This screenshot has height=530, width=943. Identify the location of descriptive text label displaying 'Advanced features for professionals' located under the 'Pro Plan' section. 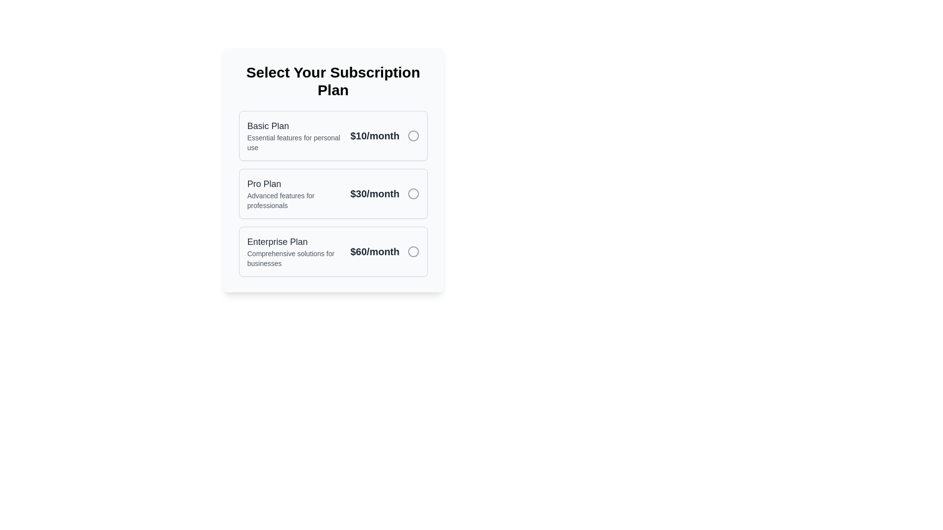
(294, 200).